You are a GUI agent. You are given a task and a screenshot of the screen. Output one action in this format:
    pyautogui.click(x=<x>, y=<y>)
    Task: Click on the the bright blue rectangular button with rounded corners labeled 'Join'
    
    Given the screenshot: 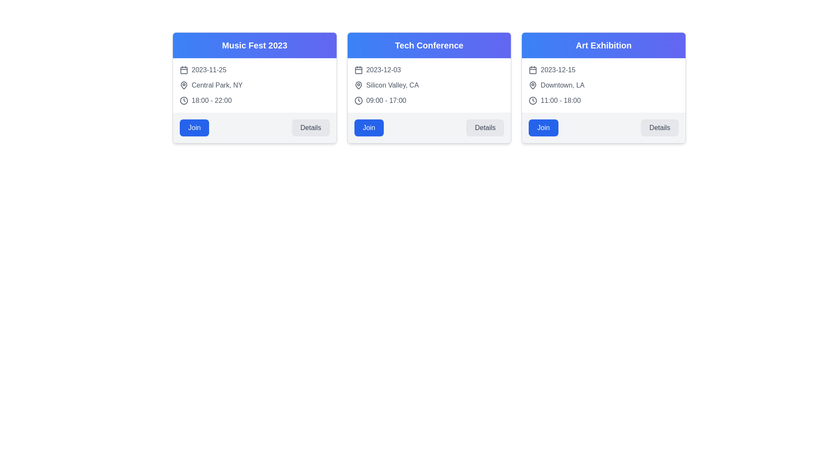 What is the action you would take?
    pyautogui.click(x=194, y=127)
    